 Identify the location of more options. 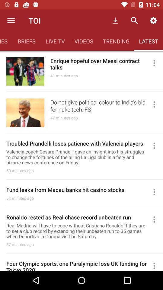
(157, 63).